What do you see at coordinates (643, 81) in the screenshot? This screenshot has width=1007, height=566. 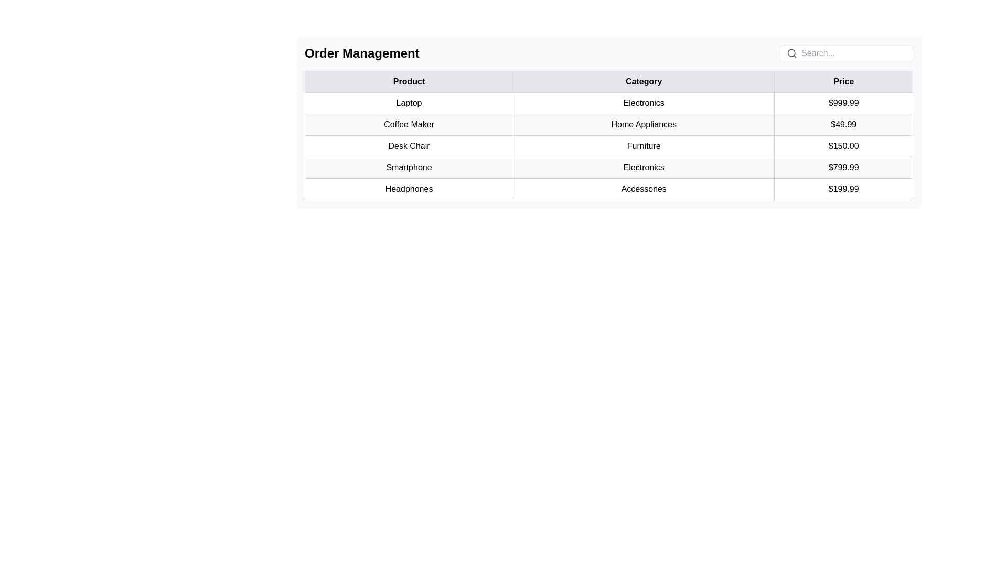 I see `the column header text indicating product categories in the table, which is the second header from the left` at bounding box center [643, 81].